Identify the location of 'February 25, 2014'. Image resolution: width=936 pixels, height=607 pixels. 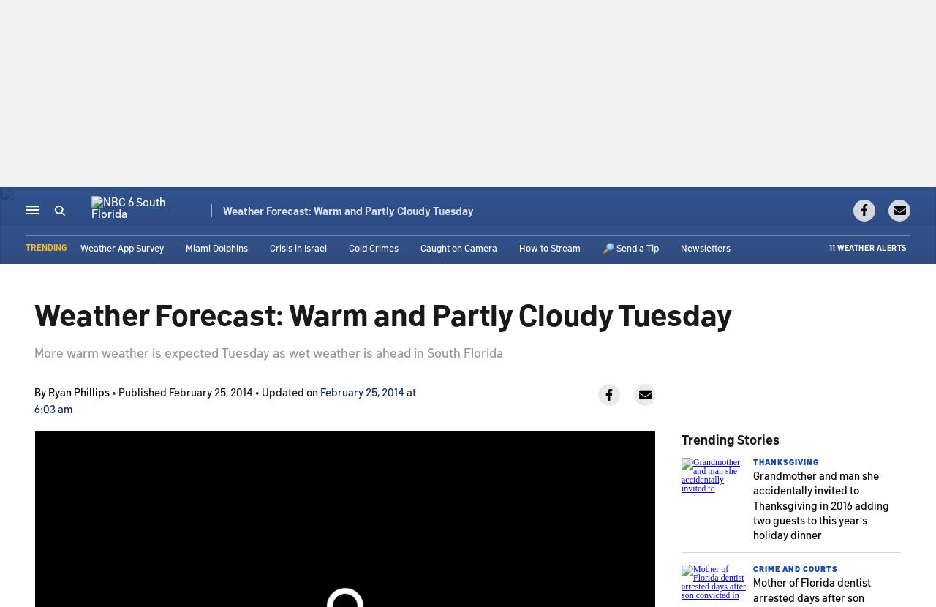
(362, 391).